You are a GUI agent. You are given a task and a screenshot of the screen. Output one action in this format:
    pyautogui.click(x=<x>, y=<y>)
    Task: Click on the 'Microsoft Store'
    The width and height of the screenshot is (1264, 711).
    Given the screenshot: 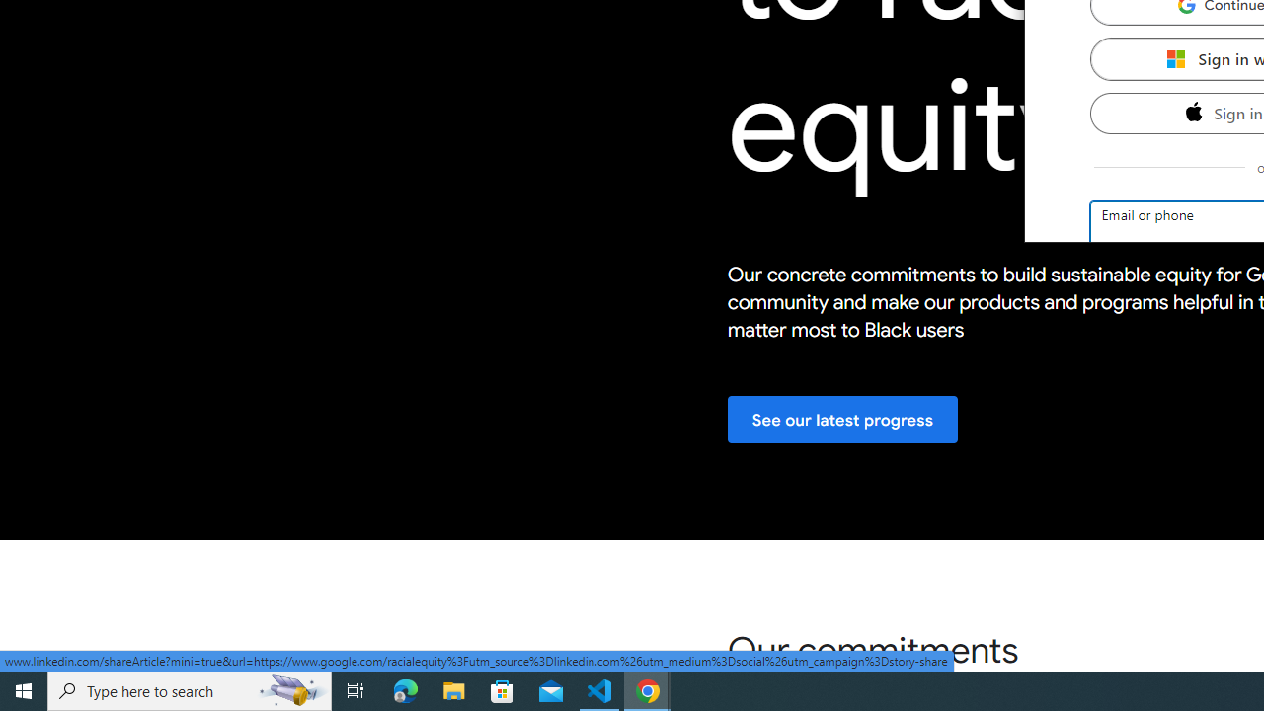 What is the action you would take?
    pyautogui.click(x=503, y=689)
    